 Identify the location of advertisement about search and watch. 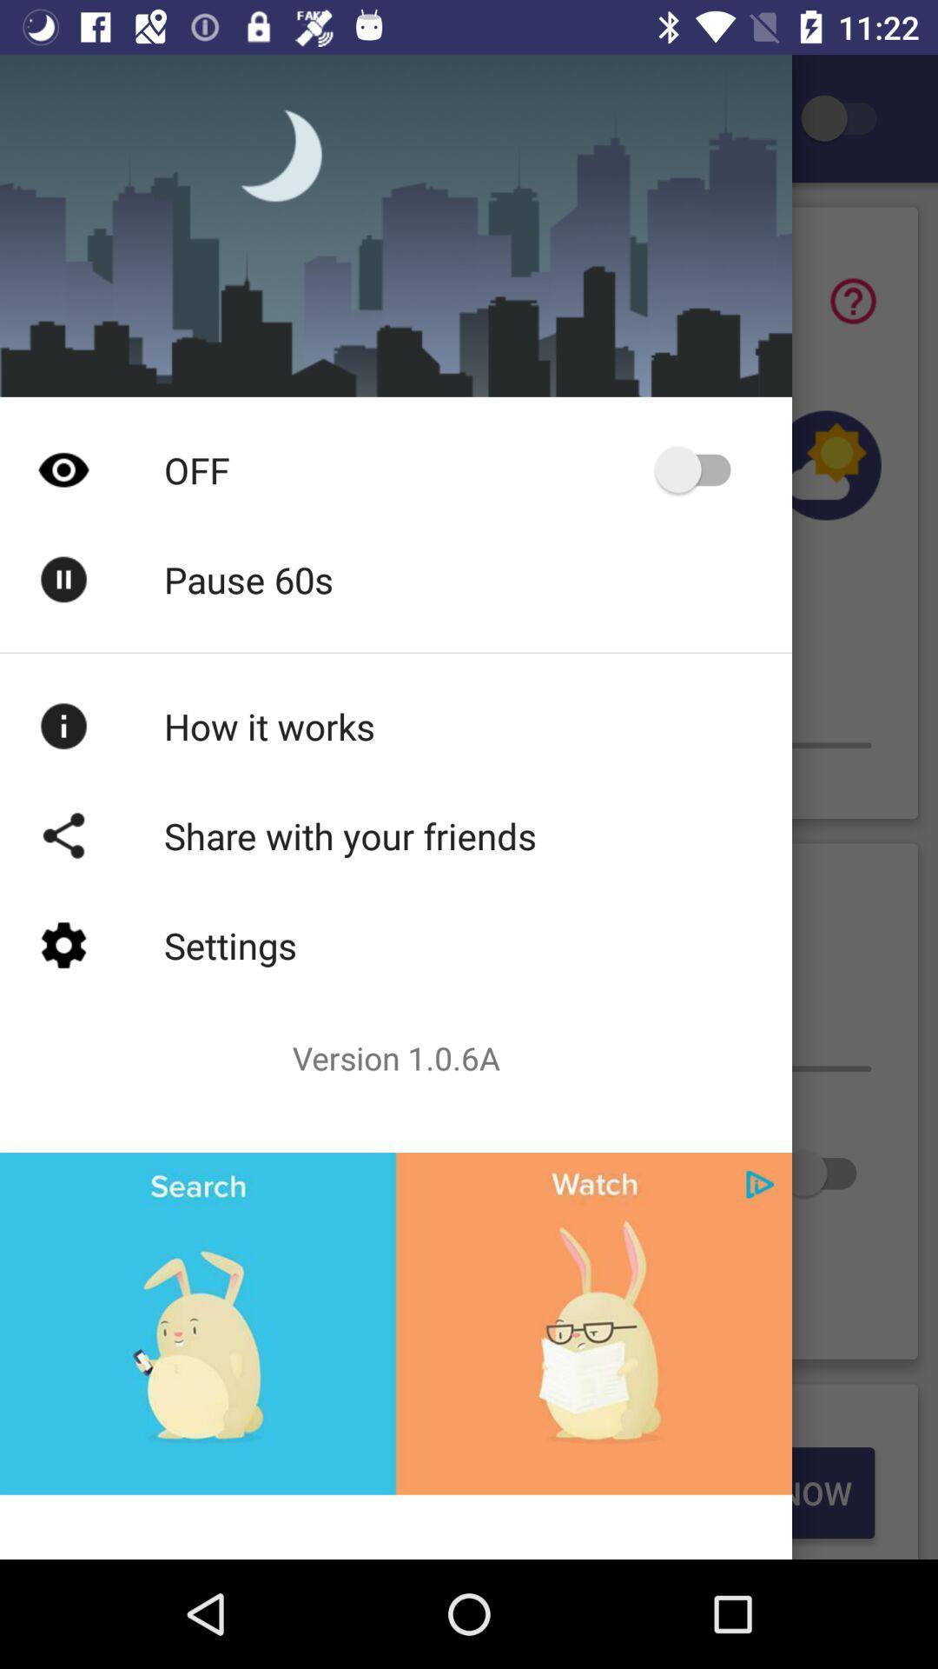
(395, 1322).